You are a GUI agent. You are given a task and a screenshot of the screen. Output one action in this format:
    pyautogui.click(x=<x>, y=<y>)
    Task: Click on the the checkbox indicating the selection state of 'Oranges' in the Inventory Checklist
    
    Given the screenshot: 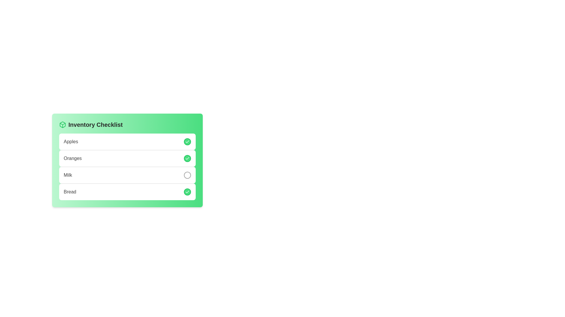 What is the action you would take?
    pyautogui.click(x=187, y=158)
    